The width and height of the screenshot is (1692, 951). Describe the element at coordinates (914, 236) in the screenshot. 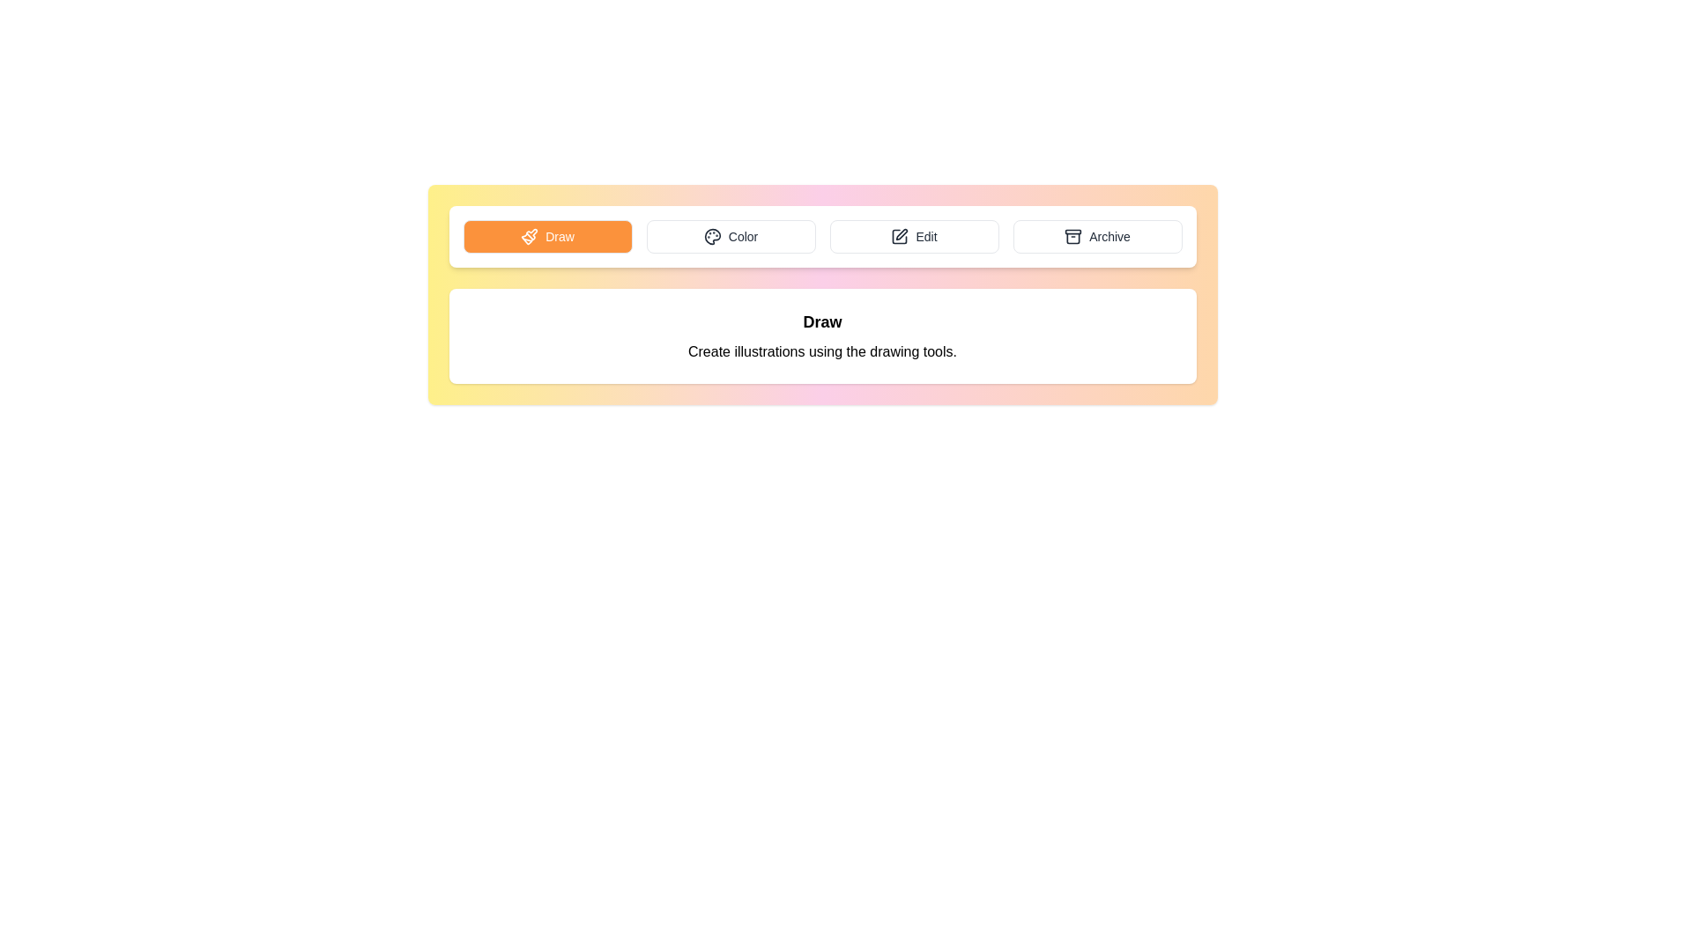

I see `the Edit tab by clicking on its button` at that location.